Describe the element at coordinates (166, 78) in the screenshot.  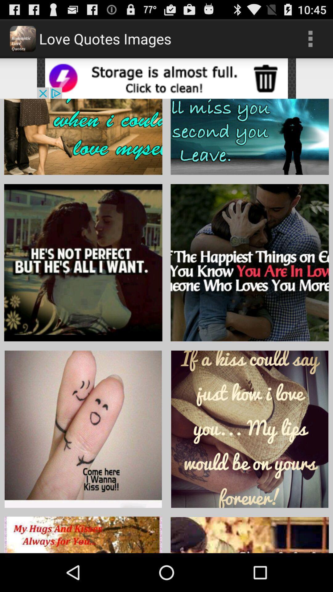
I see `open advertisement` at that location.